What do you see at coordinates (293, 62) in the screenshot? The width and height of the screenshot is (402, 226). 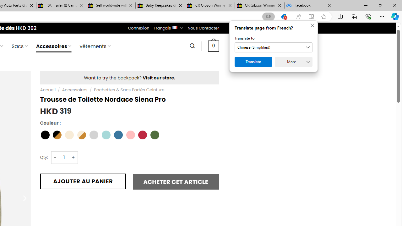 I see `'More'` at bounding box center [293, 62].